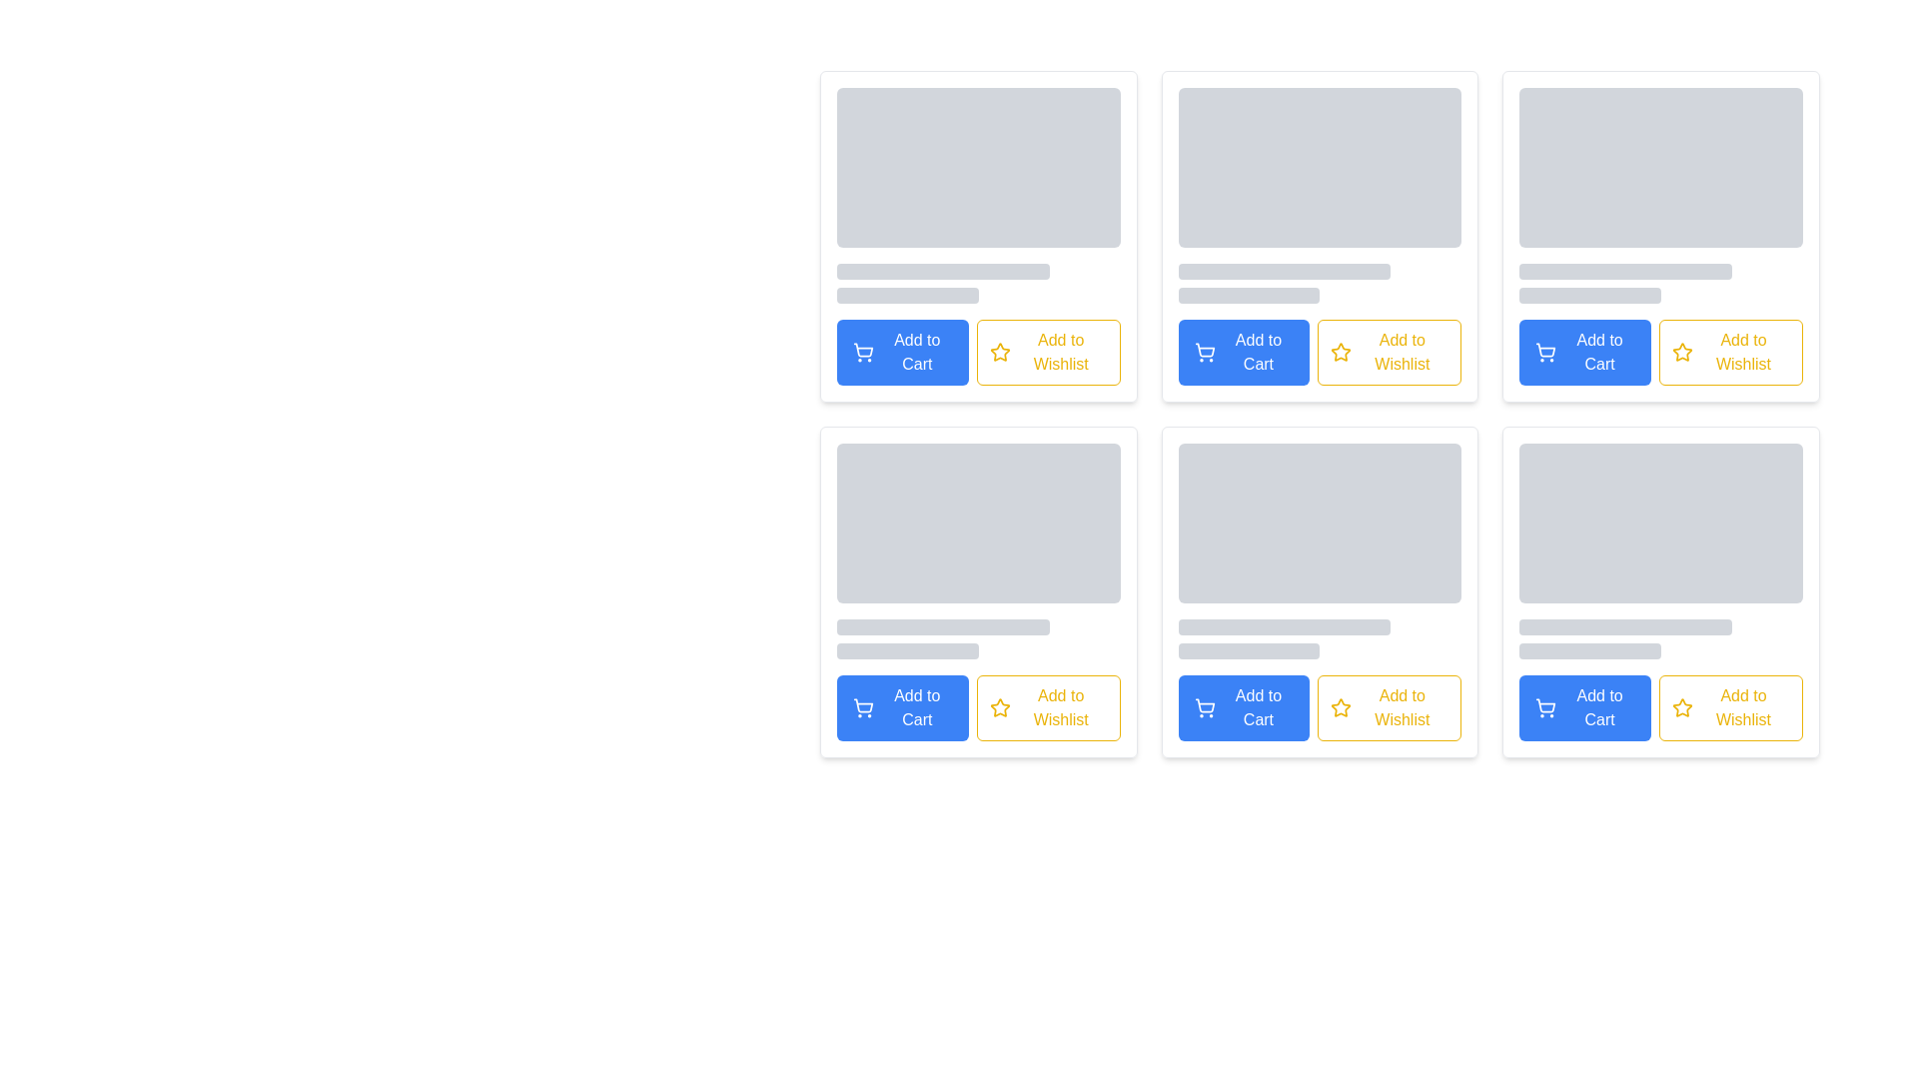  I want to click on the slider position, so click(1311, 650).